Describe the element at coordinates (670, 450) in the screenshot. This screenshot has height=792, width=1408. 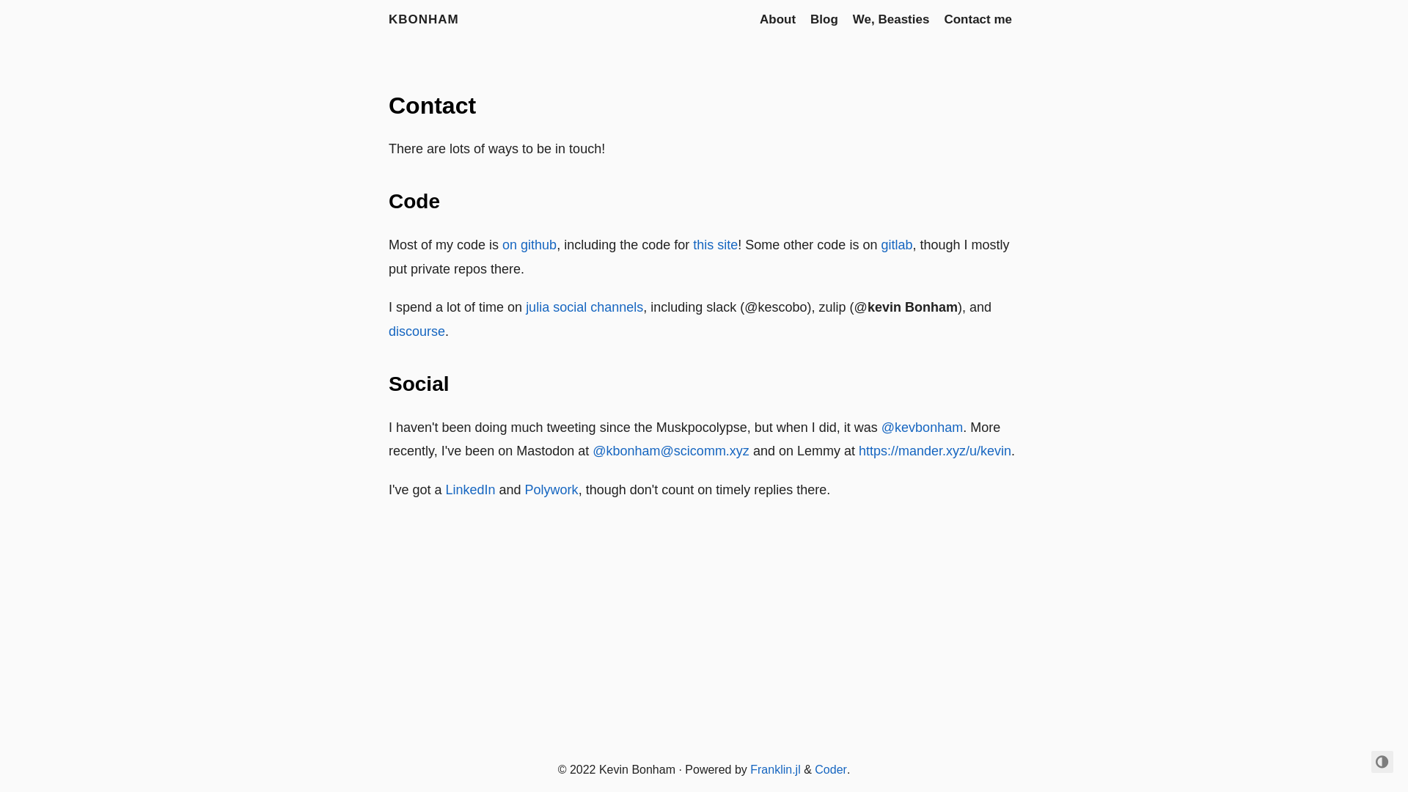
I see `'@kbonham@scicomm.xyz'` at that location.